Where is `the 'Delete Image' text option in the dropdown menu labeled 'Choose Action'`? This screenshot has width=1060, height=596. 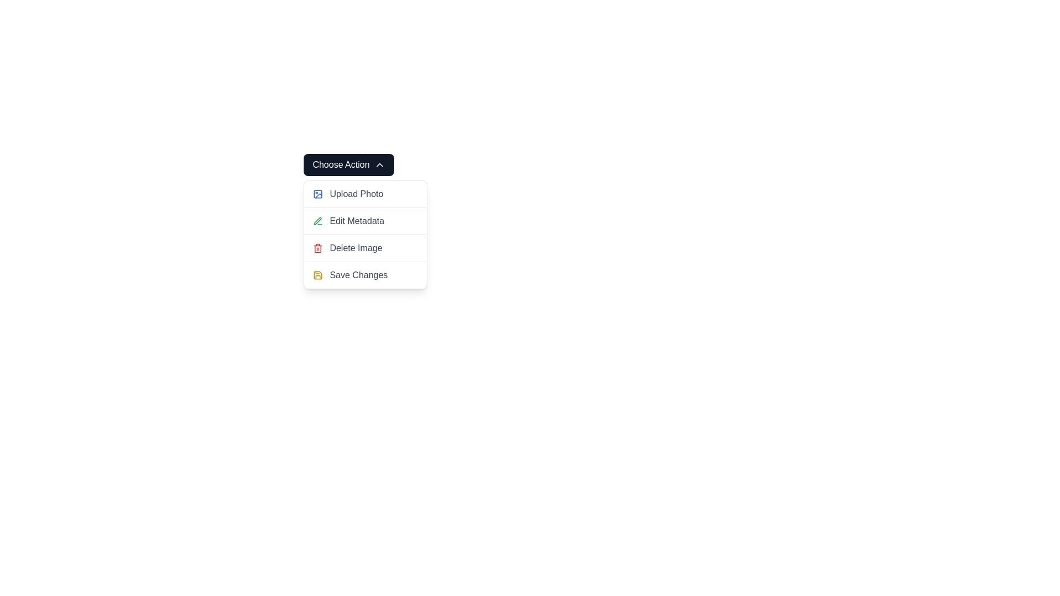 the 'Delete Image' text option in the dropdown menu labeled 'Choose Action' is located at coordinates (356, 248).